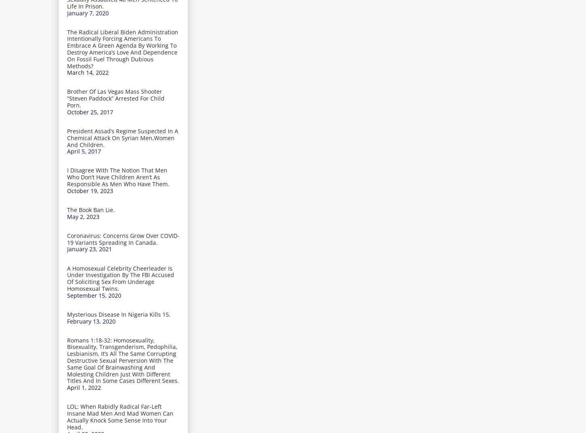 The height and width of the screenshot is (433, 586). I want to click on 'Coronavirus: Concerns Grow Over COVID-19 Variants Spreading In Canada.', so click(67, 238).